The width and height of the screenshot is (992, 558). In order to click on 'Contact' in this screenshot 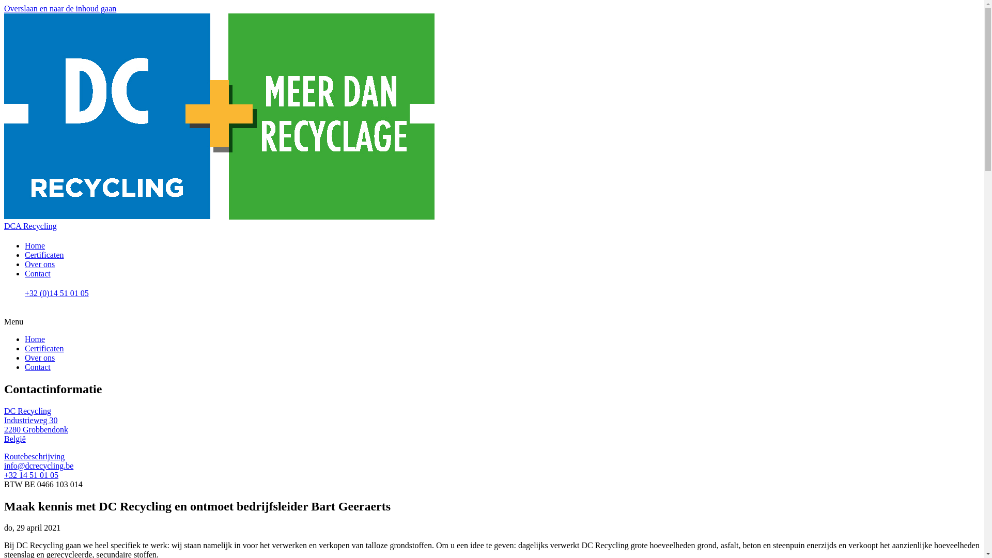, I will do `click(25, 366)`.